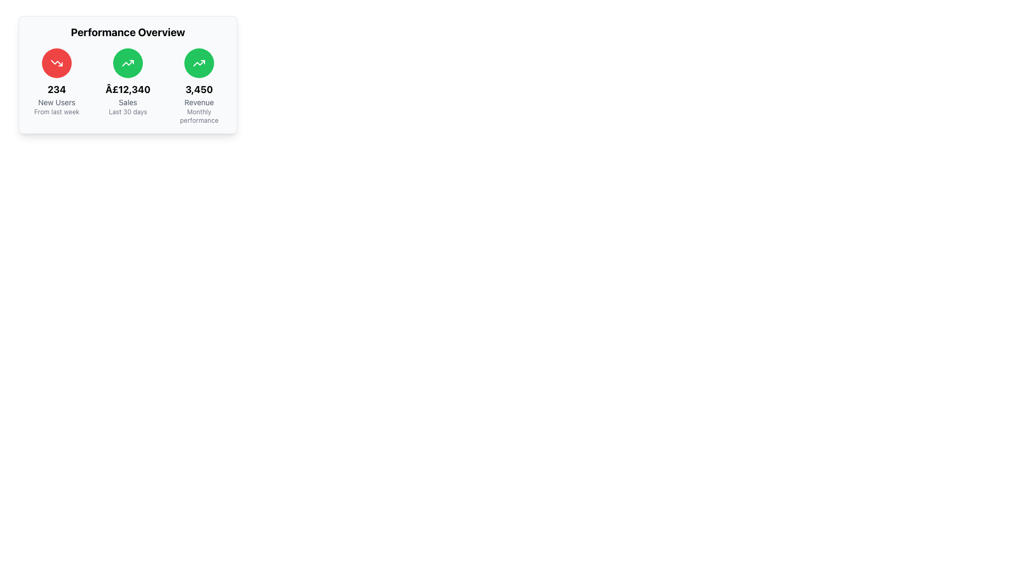  Describe the element at coordinates (127, 86) in the screenshot. I see `the icons on the sales data display card component, which is positioned in the center of a three-column grid layout under the 'Performance Overview' header` at that location.